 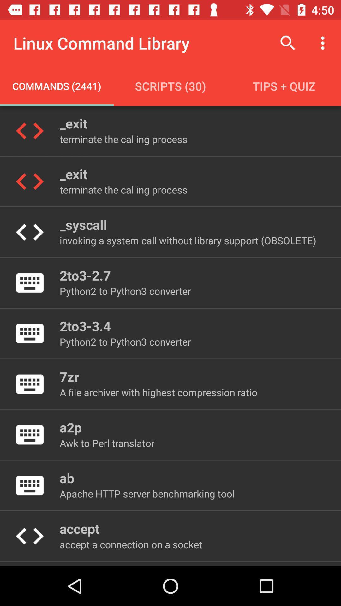 What do you see at coordinates (67, 478) in the screenshot?
I see `the ab icon` at bounding box center [67, 478].